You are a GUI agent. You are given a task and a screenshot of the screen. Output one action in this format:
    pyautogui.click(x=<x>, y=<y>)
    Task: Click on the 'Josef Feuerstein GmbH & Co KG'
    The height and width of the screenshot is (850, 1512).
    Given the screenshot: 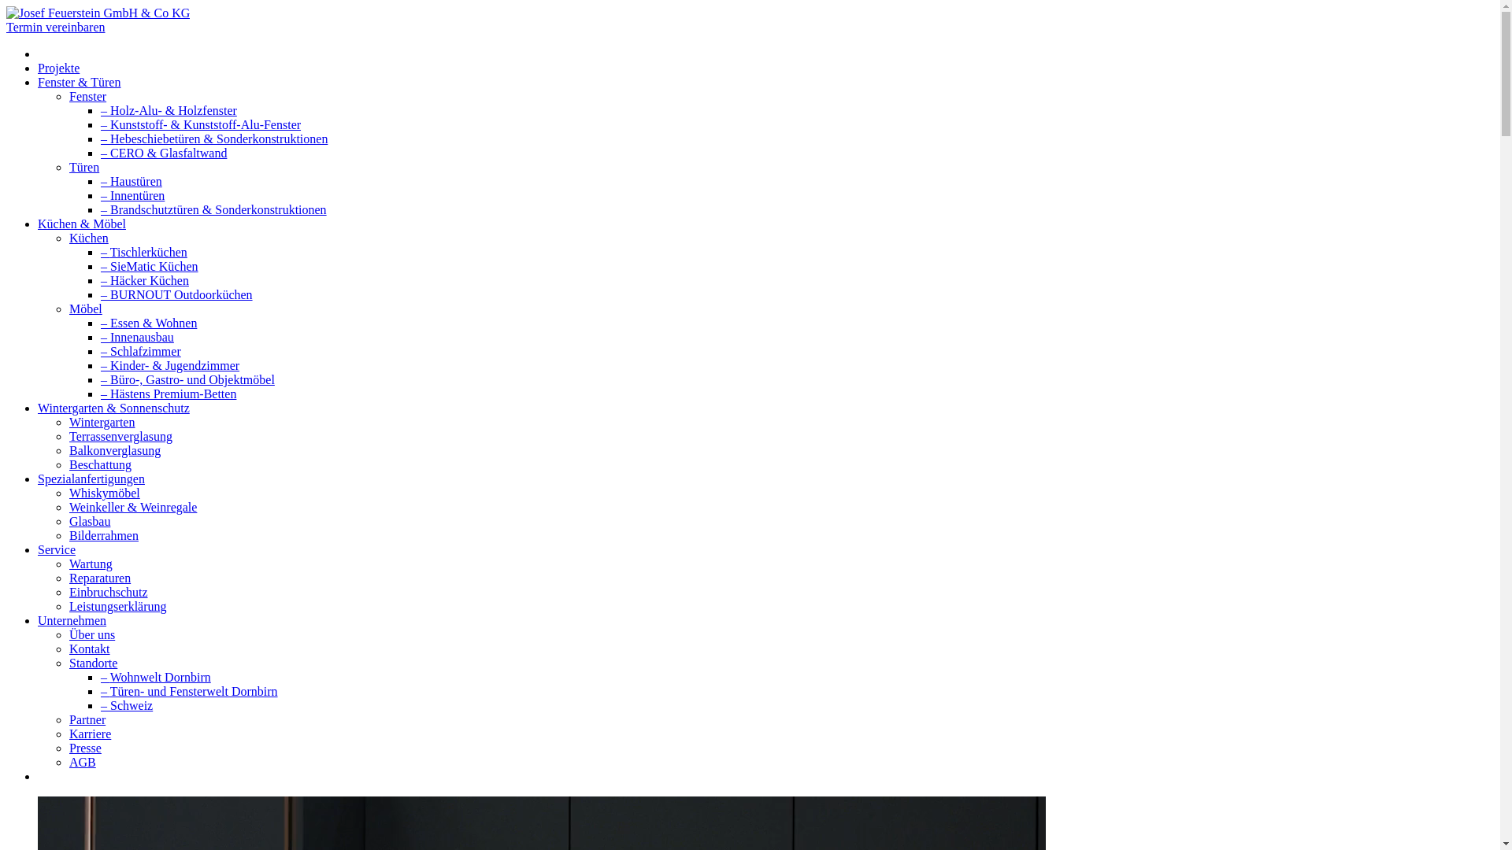 What is the action you would take?
    pyautogui.click(x=97, y=13)
    